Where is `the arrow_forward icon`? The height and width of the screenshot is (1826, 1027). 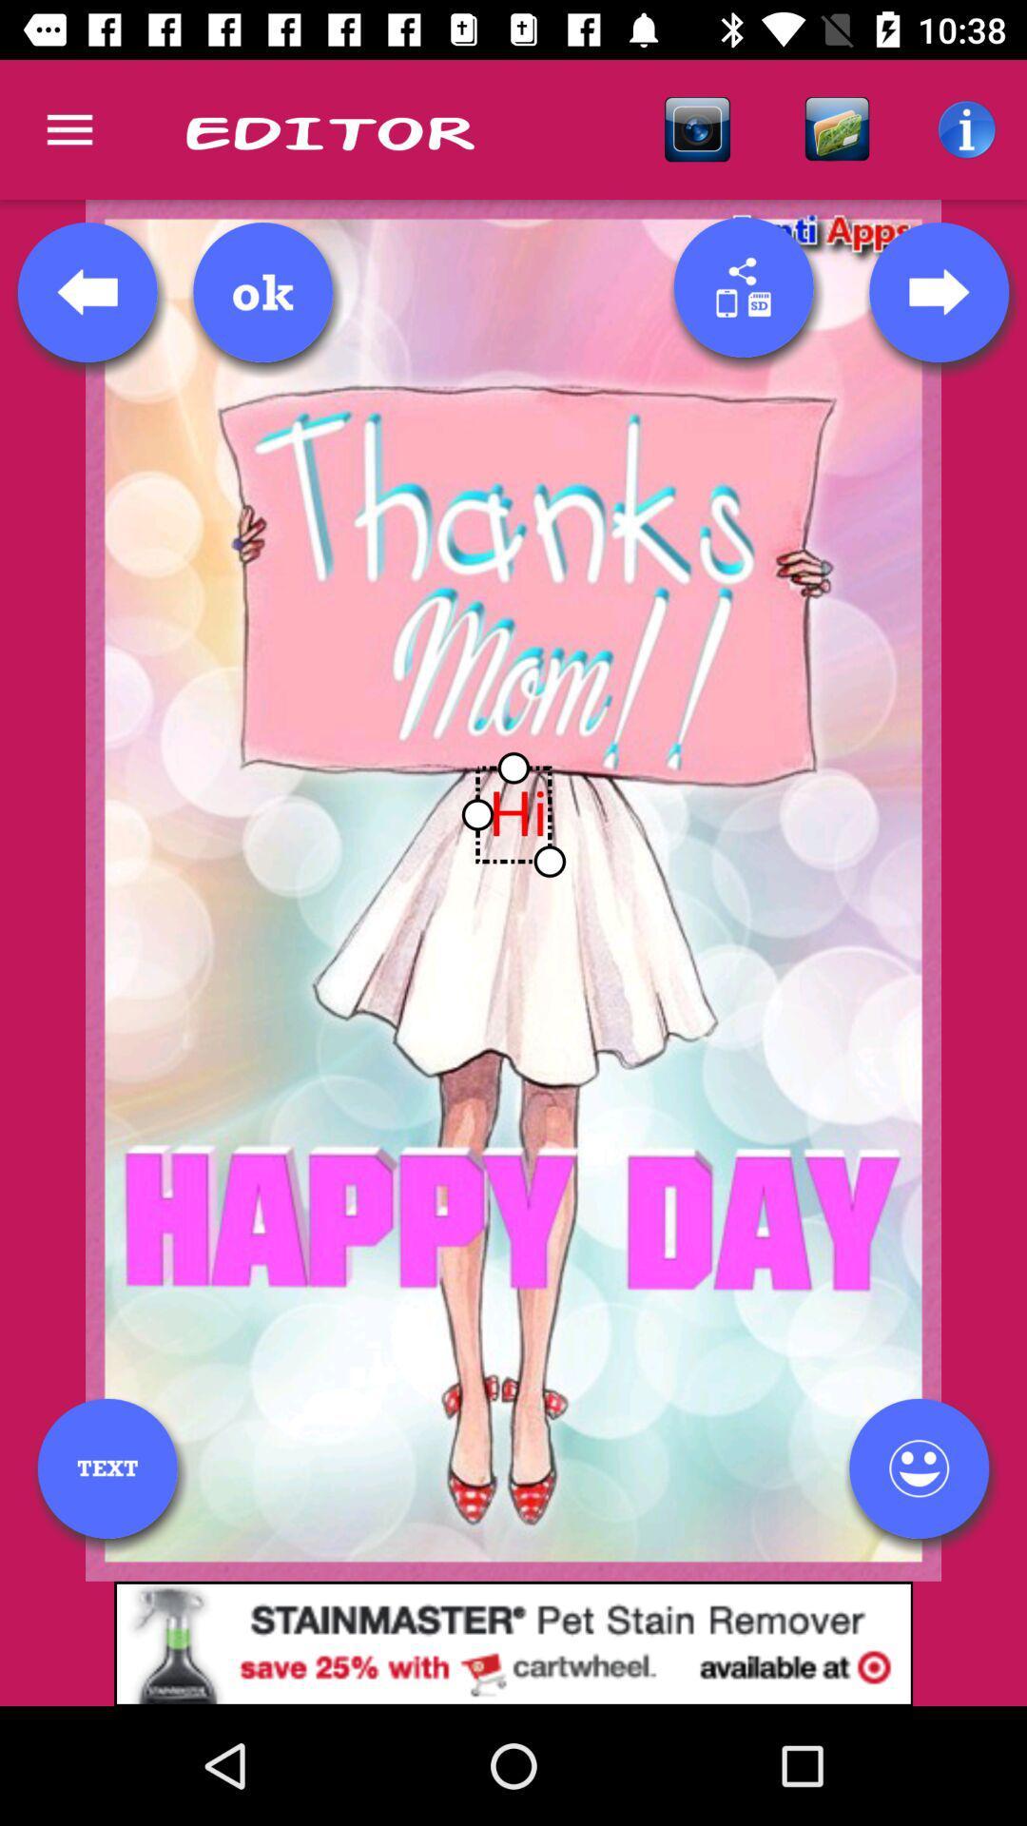
the arrow_forward icon is located at coordinates (938, 291).